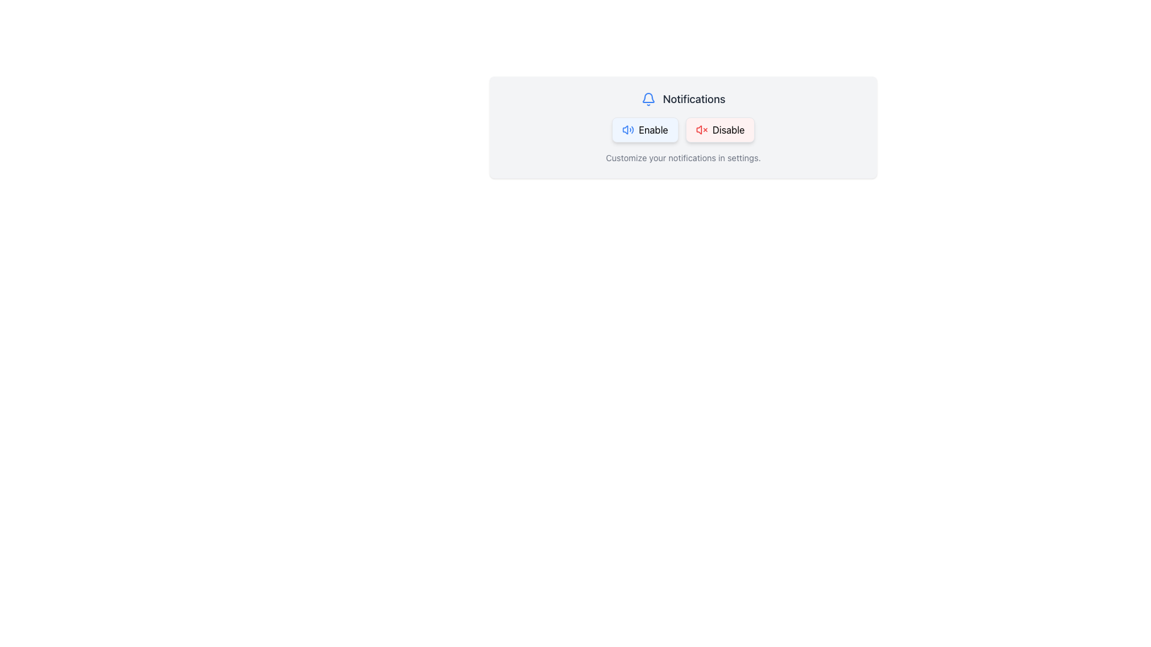 Image resolution: width=1151 pixels, height=647 pixels. What do you see at coordinates (728, 129) in the screenshot?
I see `the 'Disable' text label, which is styled in black text within a red-bordered area` at bounding box center [728, 129].